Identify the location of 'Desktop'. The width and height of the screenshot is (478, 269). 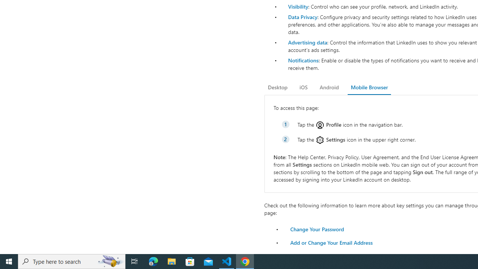
(277, 87).